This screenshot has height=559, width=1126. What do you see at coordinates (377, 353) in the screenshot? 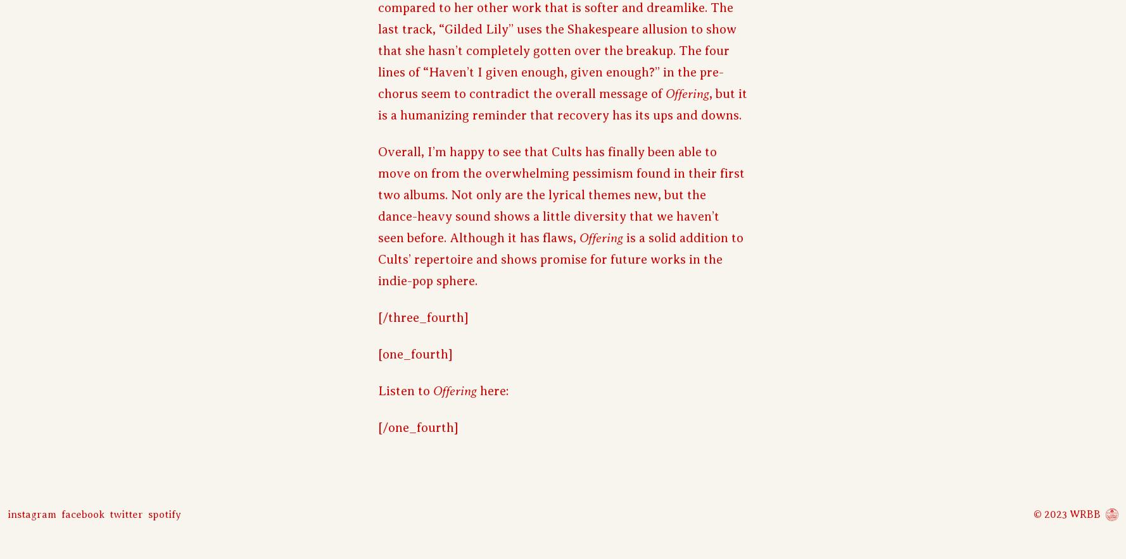
I see `'[one_fourth]'` at bounding box center [377, 353].